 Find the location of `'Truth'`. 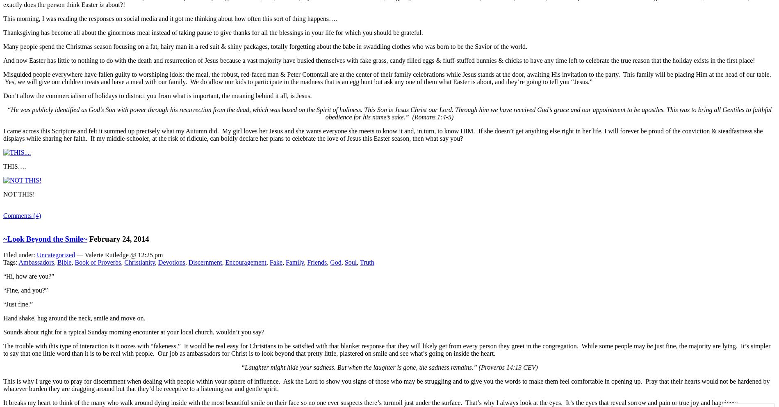

'Truth' is located at coordinates (359, 262).